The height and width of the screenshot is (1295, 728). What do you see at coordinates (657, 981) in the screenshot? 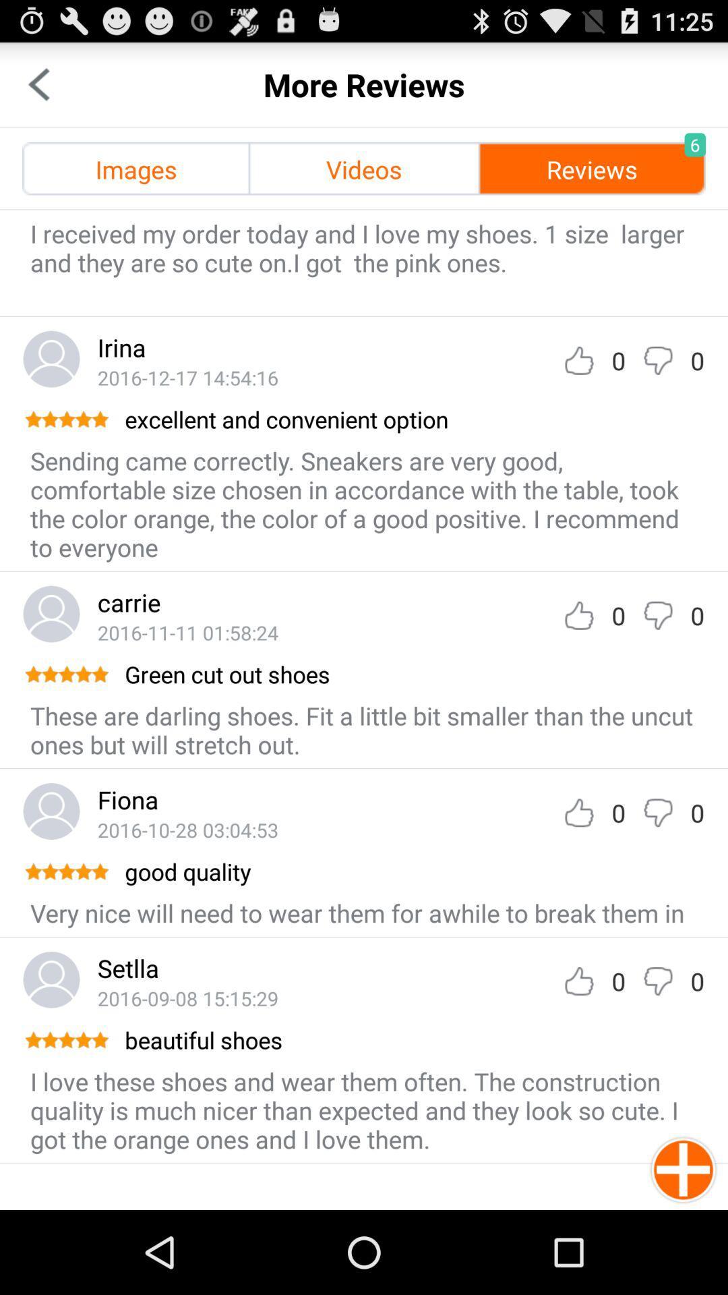
I see `click dislike symbol` at bounding box center [657, 981].